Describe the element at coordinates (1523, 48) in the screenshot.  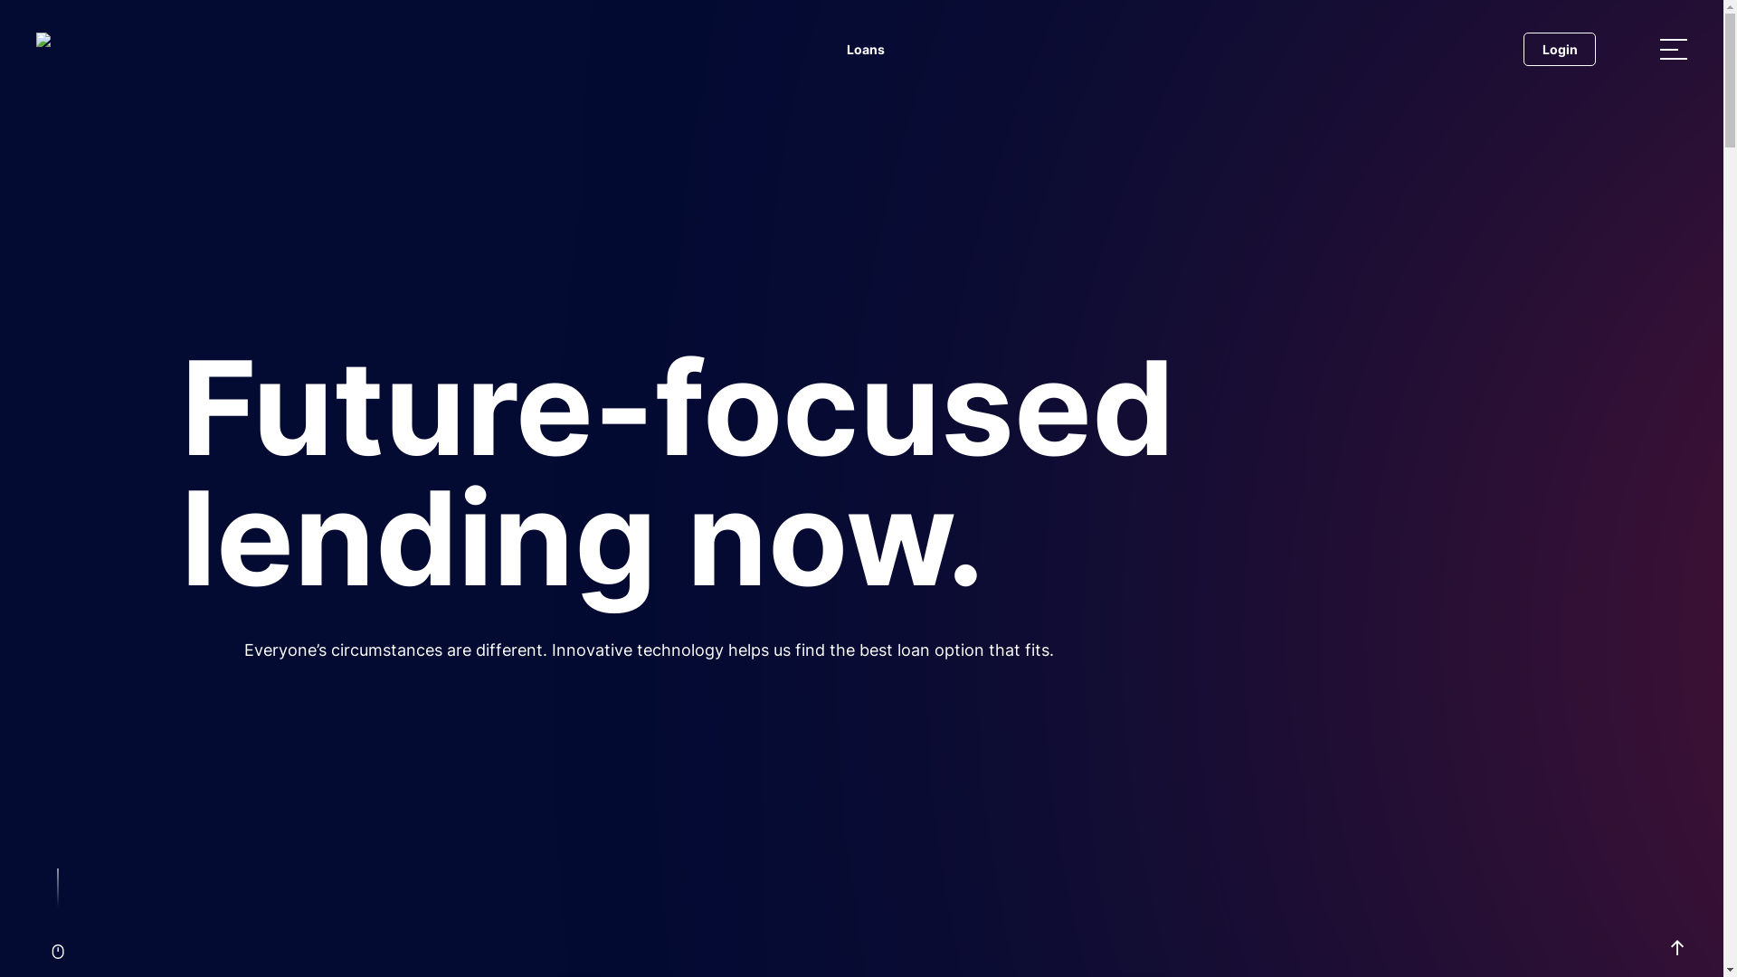
I see `'Login'` at that location.